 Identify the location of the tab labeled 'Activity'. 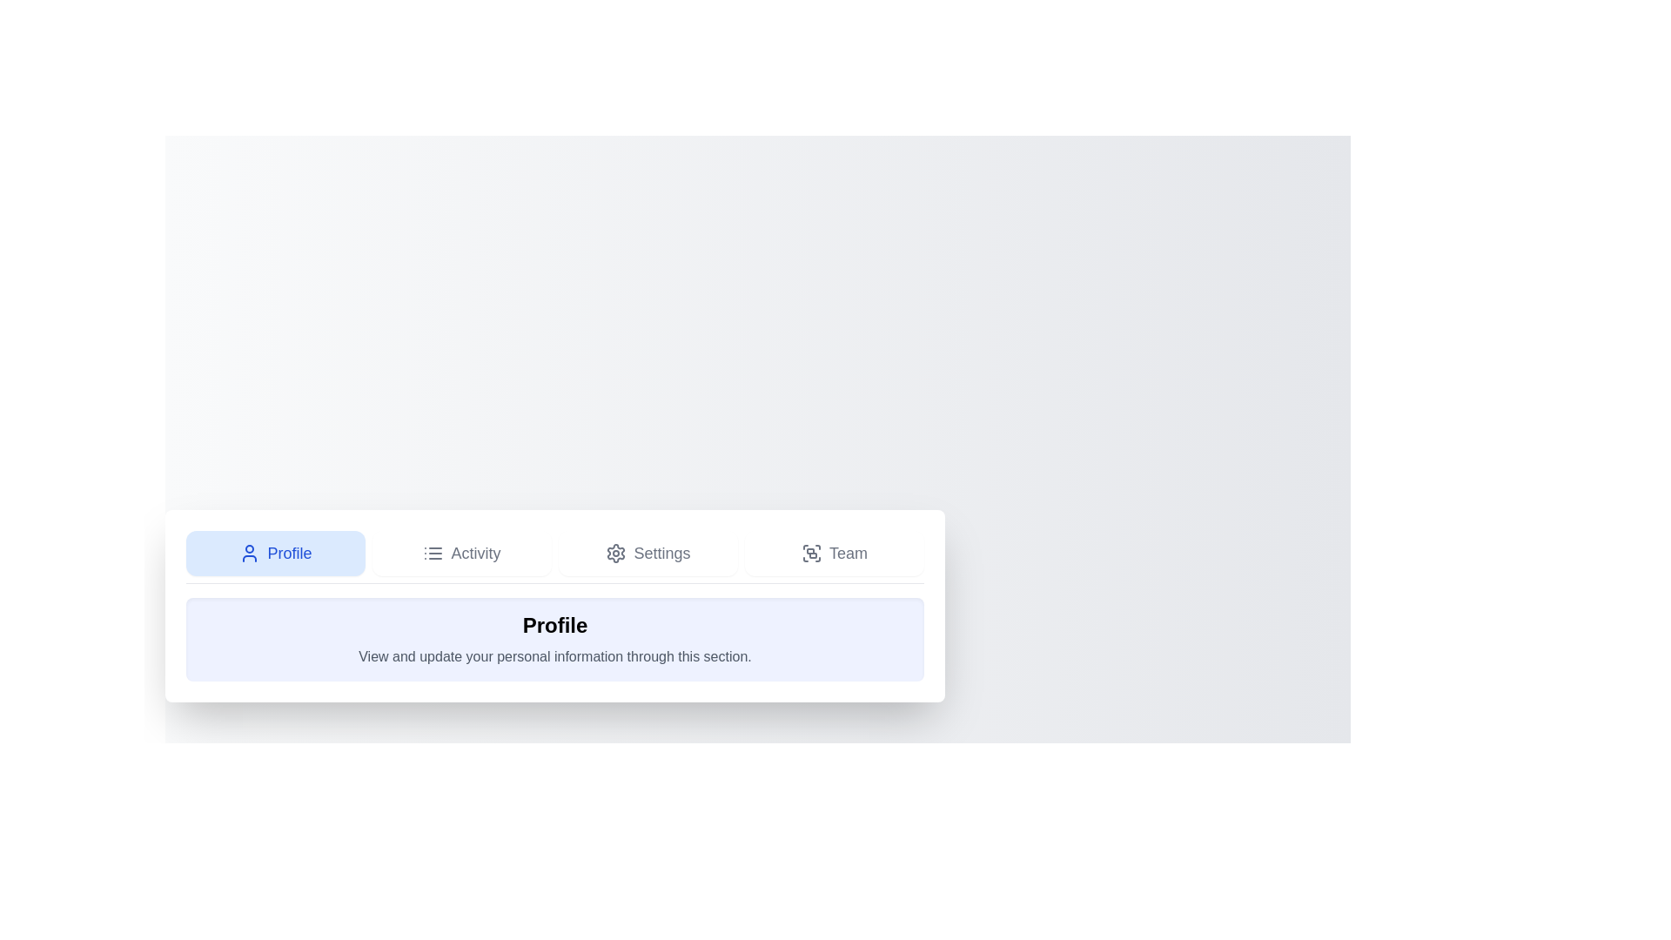
(462, 553).